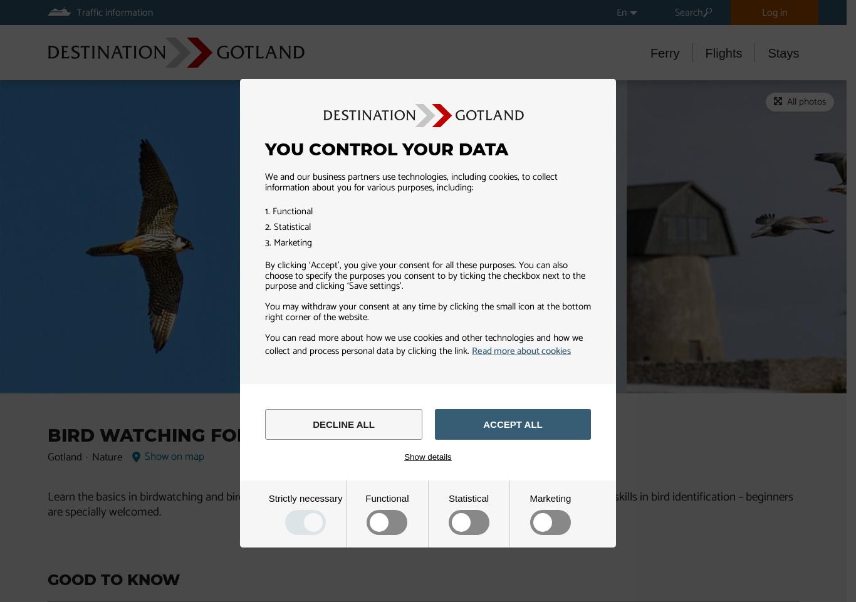 The image size is (856, 602). I want to click on 'Gotland', so click(46, 457).